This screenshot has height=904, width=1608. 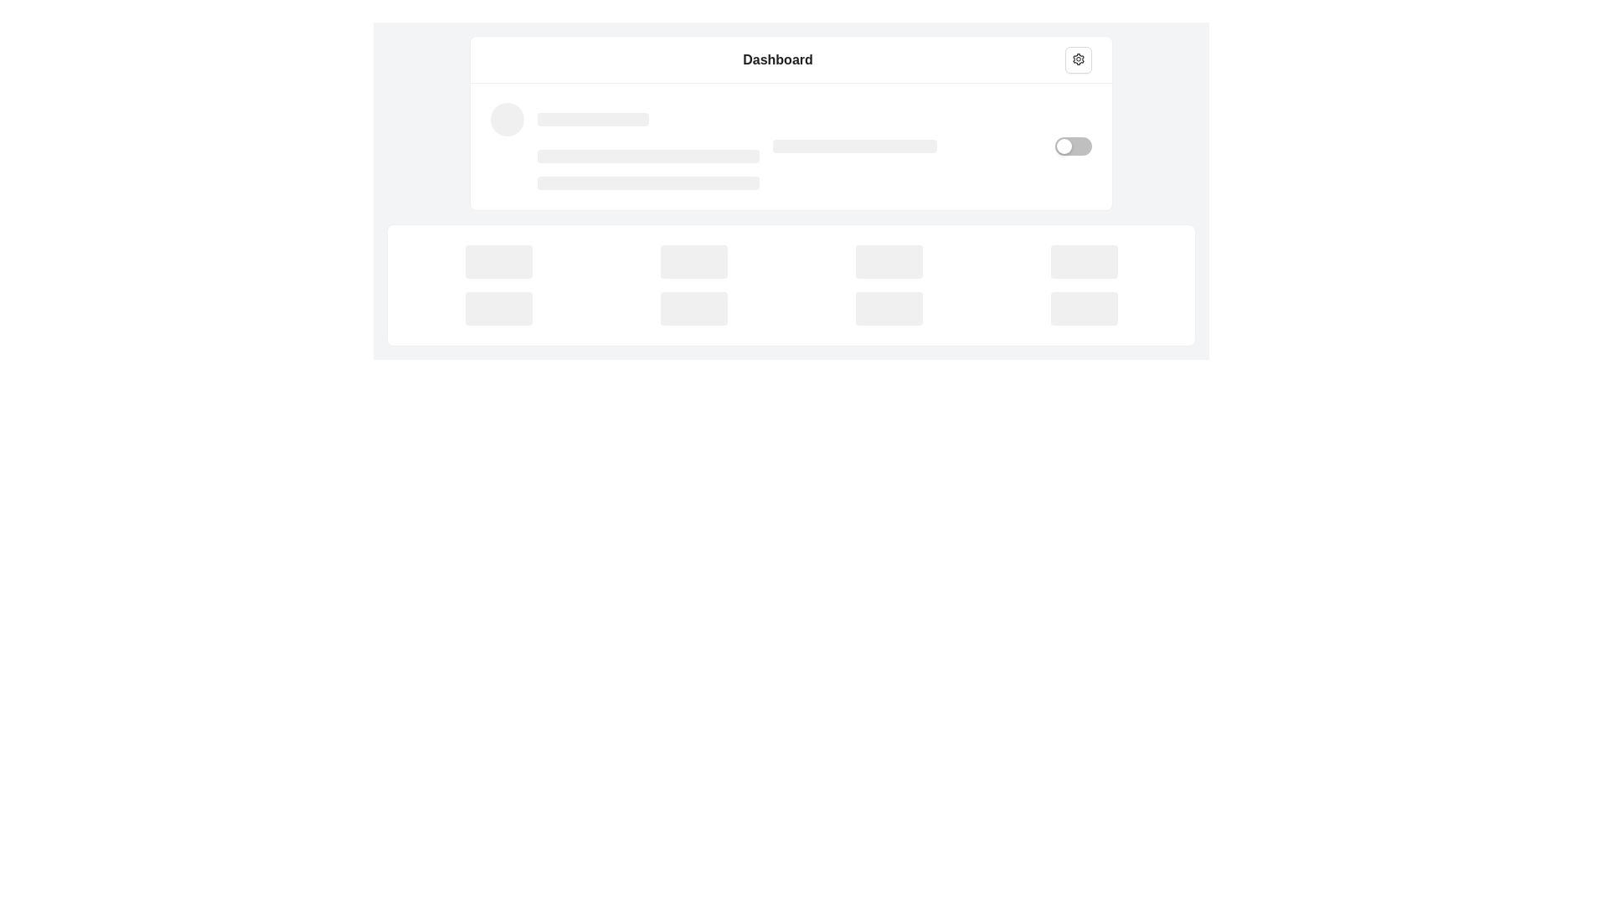 What do you see at coordinates (888, 309) in the screenshot?
I see `the loading indicator located in the bottom row, third column of a four-column grid layout, serving as a visual placeholder for content being rendered` at bounding box center [888, 309].